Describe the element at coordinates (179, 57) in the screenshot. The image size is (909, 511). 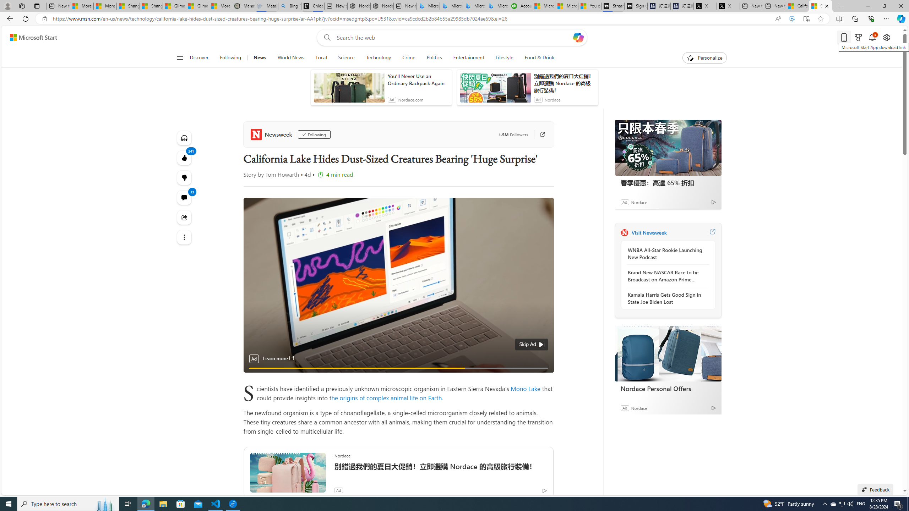
I see `'Class: button-glyph'` at that location.